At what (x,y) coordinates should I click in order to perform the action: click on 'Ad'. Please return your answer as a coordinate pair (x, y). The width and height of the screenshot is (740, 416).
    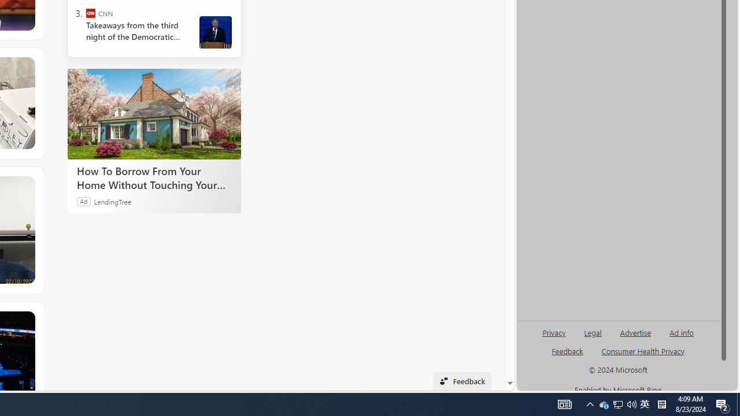
    Looking at the image, I should click on (83, 200).